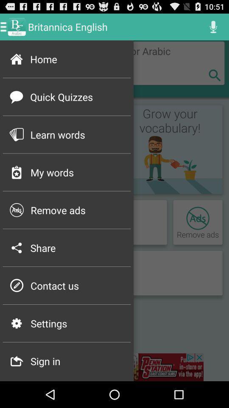  Describe the element at coordinates (114, 367) in the screenshot. I see `sign in option` at that location.